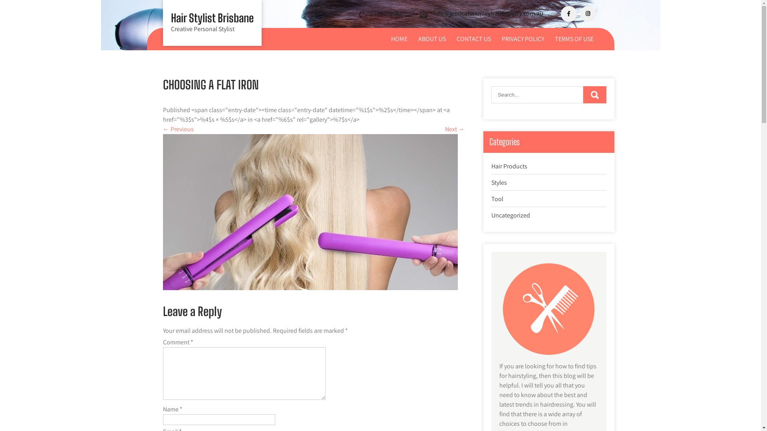 The image size is (767, 431). Describe the element at coordinates (497, 198) in the screenshot. I see `'Tool'` at that location.